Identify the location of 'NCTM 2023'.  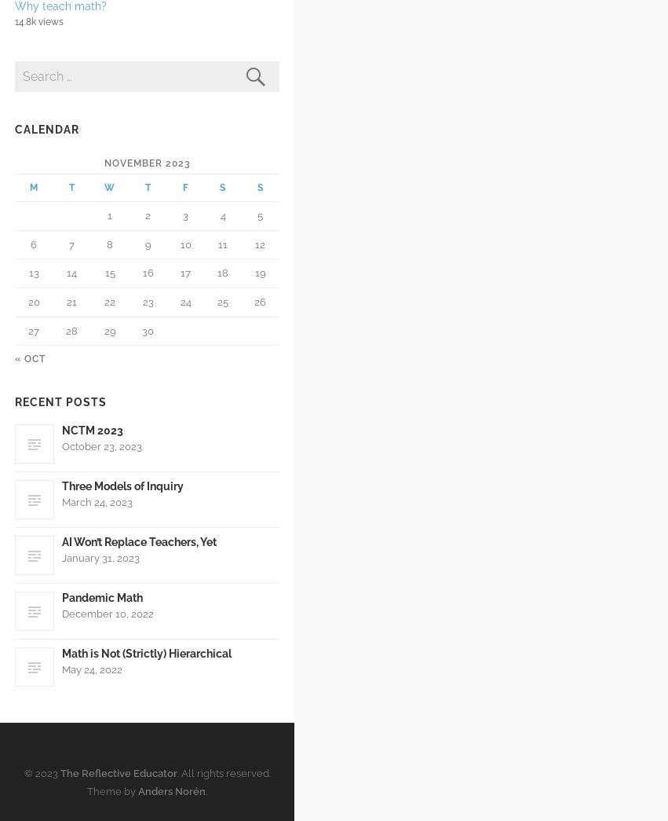
(92, 430).